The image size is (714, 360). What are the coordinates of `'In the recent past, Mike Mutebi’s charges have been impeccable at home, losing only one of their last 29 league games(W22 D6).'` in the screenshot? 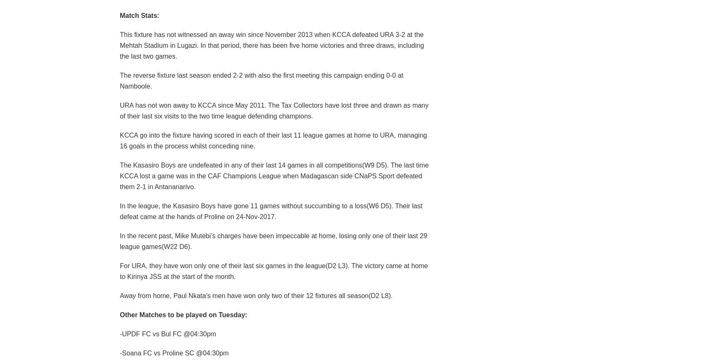 It's located at (273, 241).